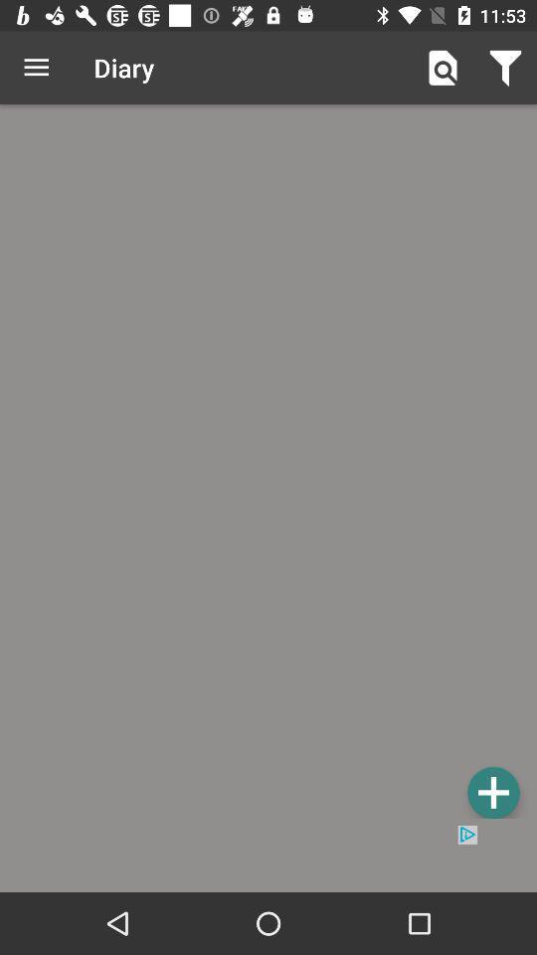 The width and height of the screenshot is (537, 955). What do you see at coordinates (443, 68) in the screenshot?
I see `the icon next to the diary item` at bounding box center [443, 68].